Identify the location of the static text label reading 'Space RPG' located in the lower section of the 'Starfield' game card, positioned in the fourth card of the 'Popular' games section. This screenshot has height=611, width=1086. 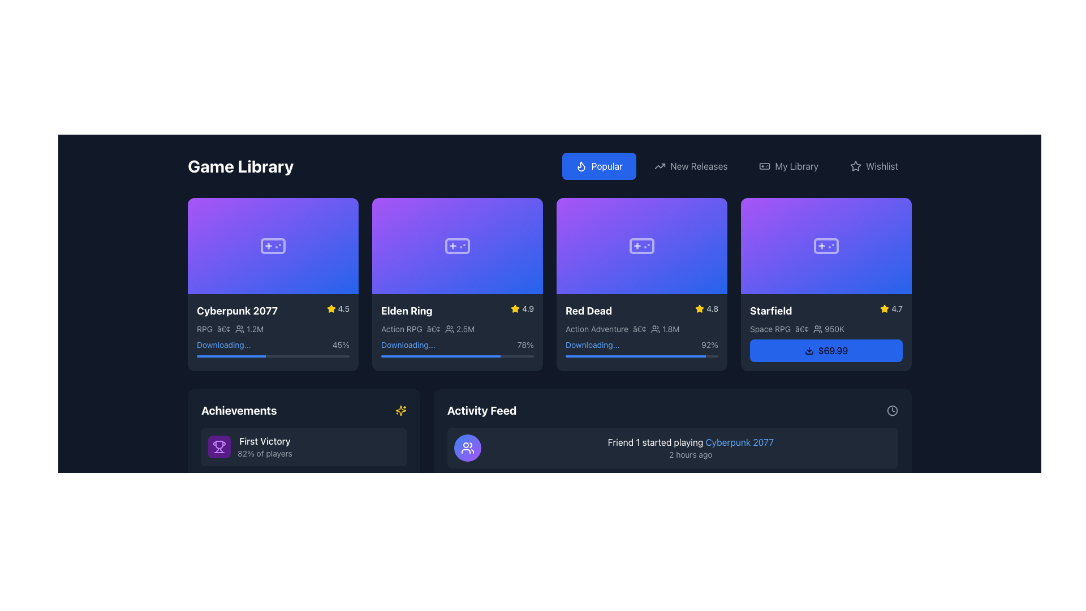
(770, 329).